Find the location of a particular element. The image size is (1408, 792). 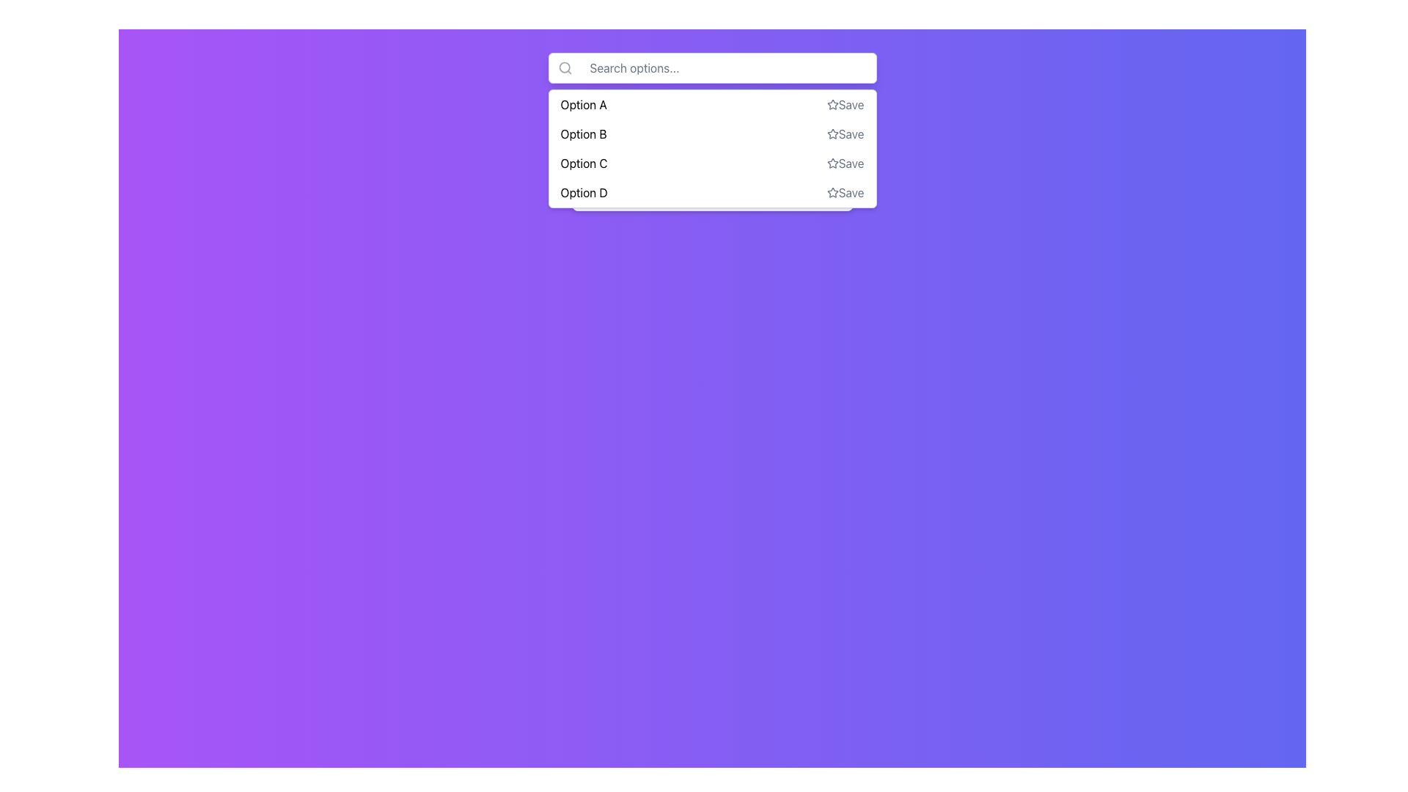

the star-shaped icon to the right of 'Option B' in the dropdown menu is located at coordinates (832, 133).